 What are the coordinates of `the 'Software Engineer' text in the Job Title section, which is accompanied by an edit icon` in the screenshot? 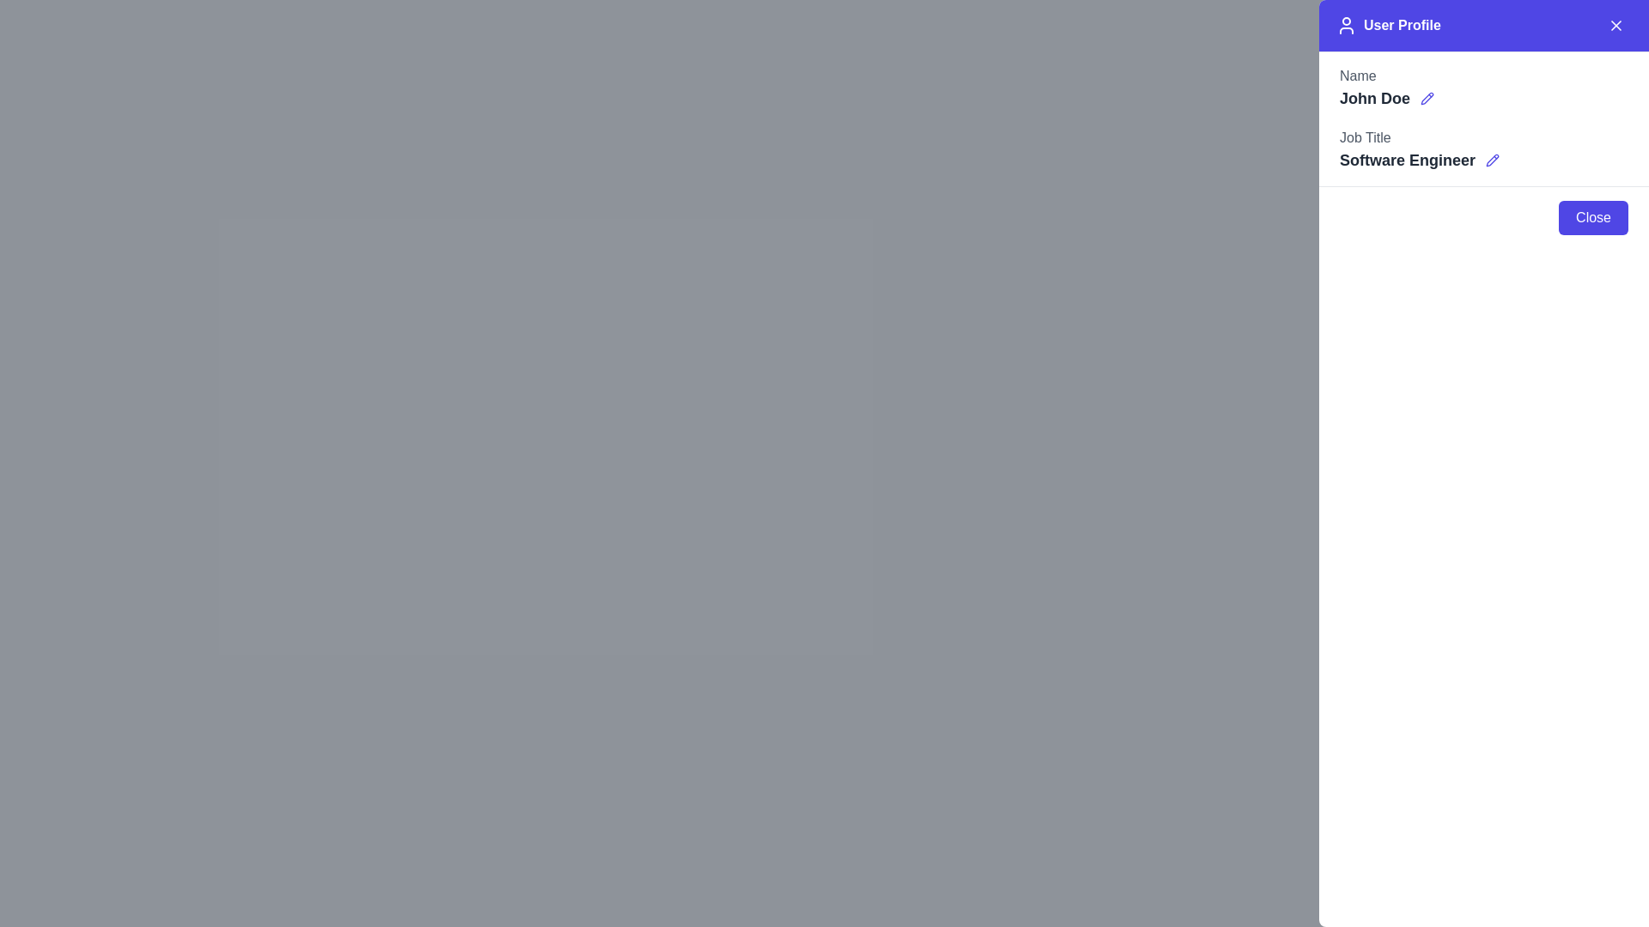 It's located at (1421, 160).